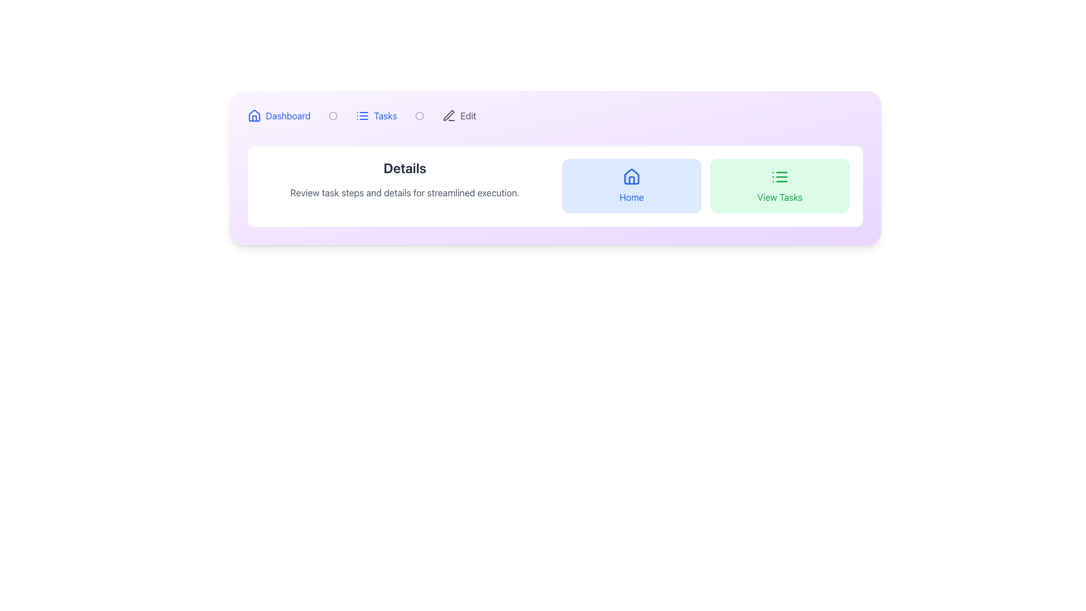 Image resolution: width=1086 pixels, height=611 pixels. Describe the element at coordinates (779, 196) in the screenshot. I see `the 'Viewing Tasks' text label, which is located in the lower portion of a rounded box on the right side of the main interface` at that location.